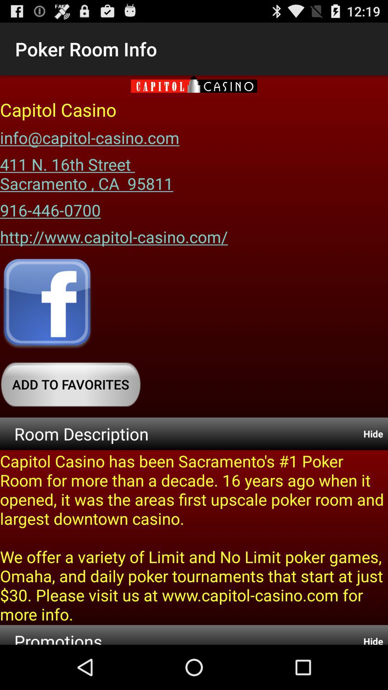  Describe the element at coordinates (86, 171) in the screenshot. I see `icon below info capitol casino icon` at that location.